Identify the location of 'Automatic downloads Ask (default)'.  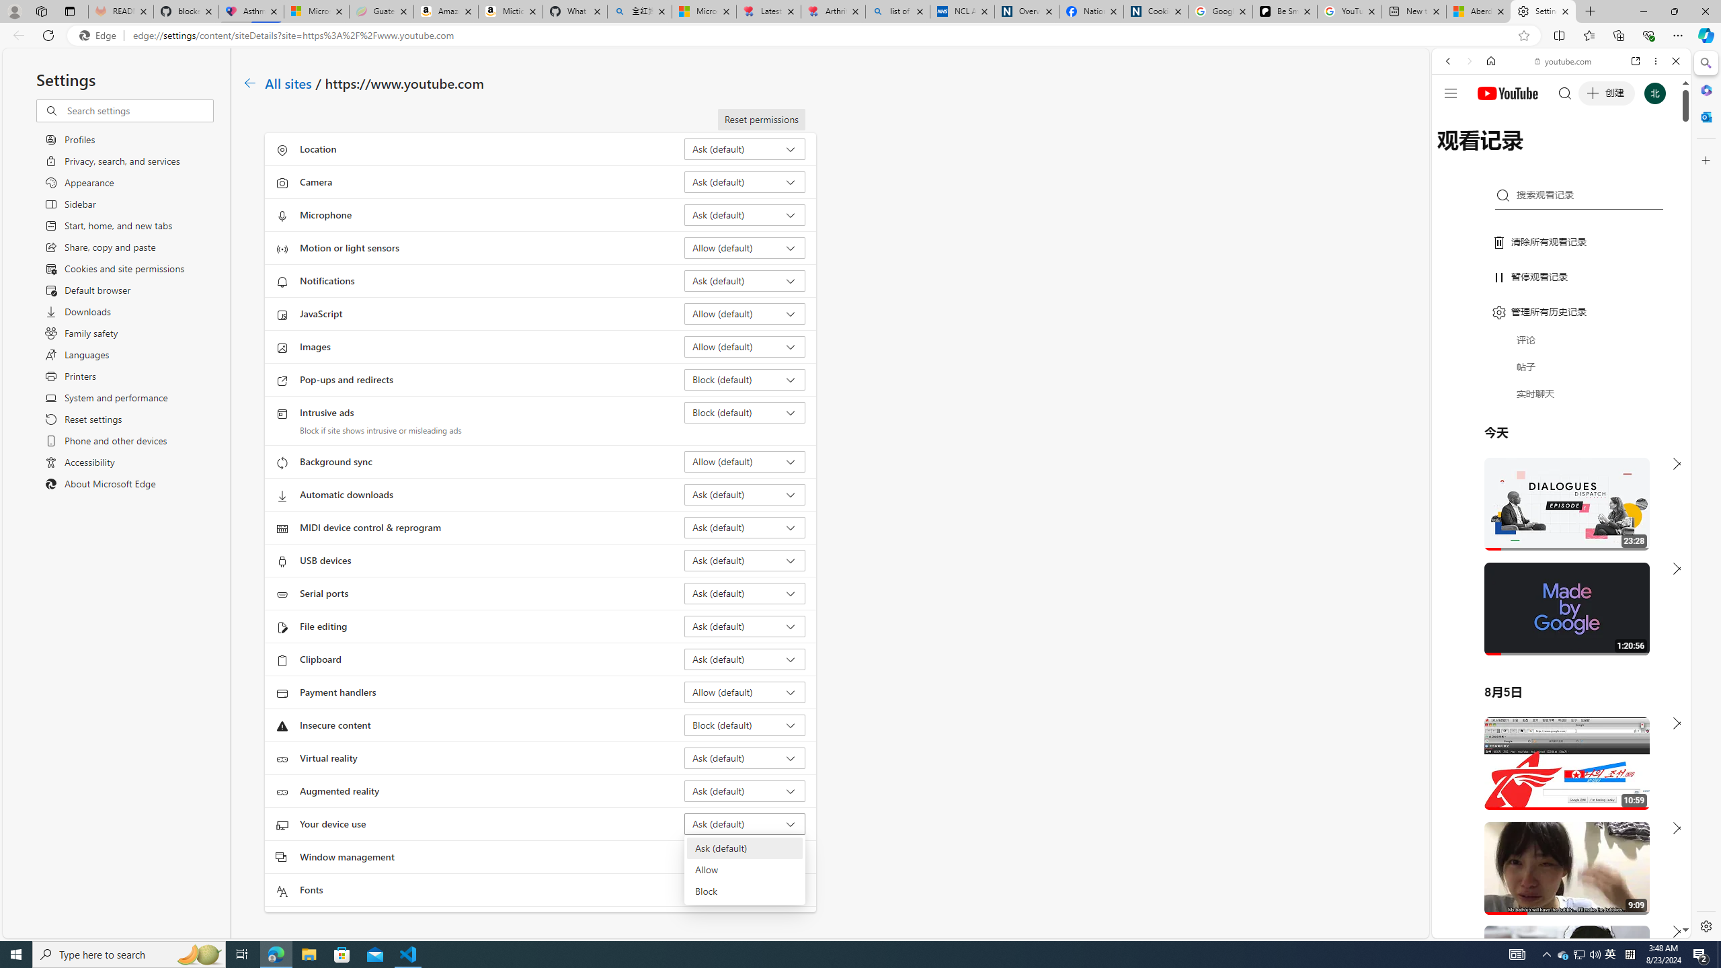
(745, 494).